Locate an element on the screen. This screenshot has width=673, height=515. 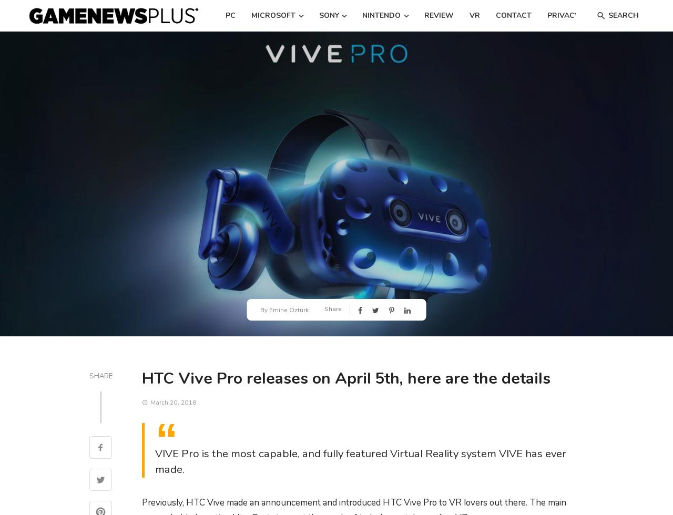
'March 20, 2018' is located at coordinates (149, 402).